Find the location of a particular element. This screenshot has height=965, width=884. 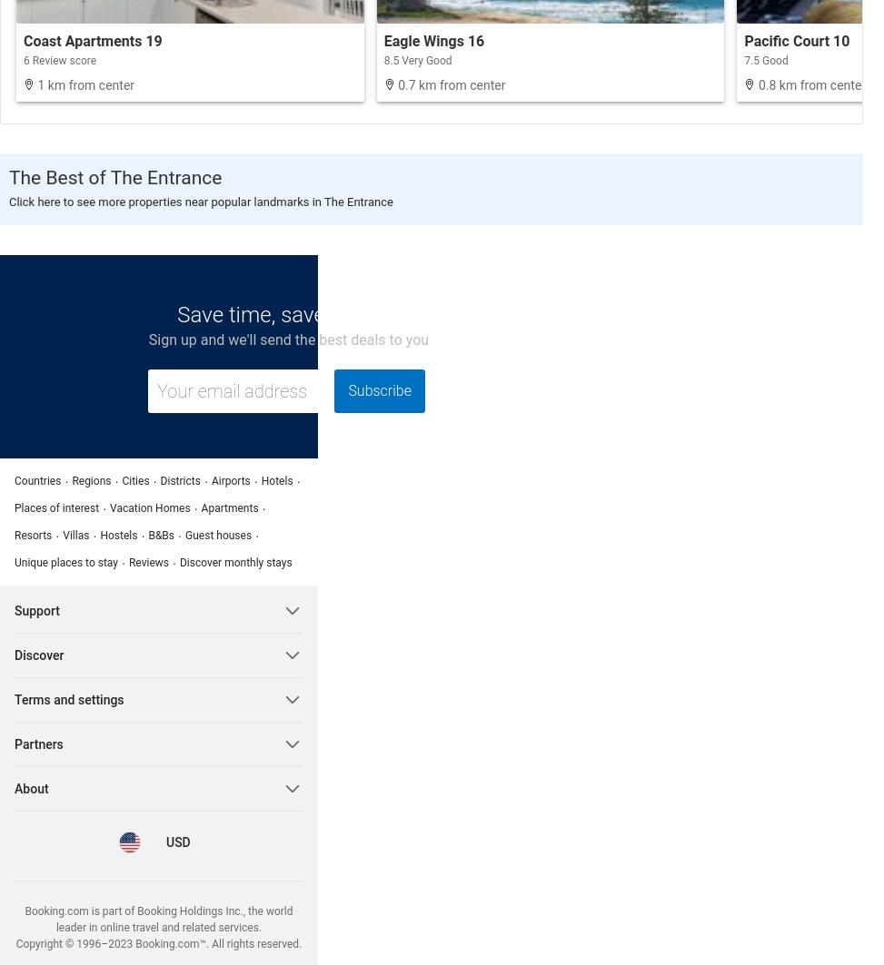

'Hostels' is located at coordinates (117, 534).